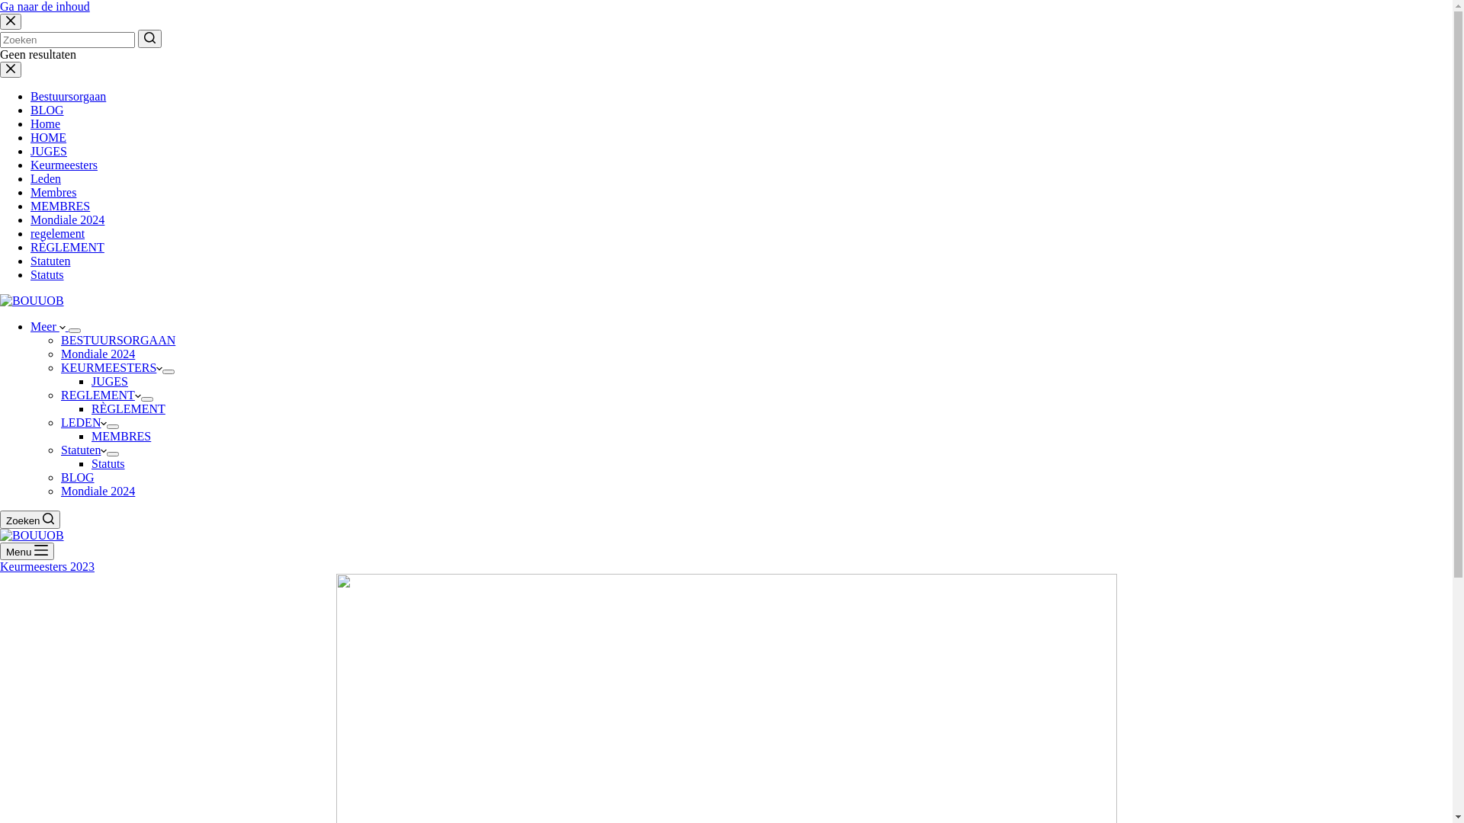 The image size is (1464, 823). What do you see at coordinates (44, 6) in the screenshot?
I see `'Ga naar de inhoud'` at bounding box center [44, 6].